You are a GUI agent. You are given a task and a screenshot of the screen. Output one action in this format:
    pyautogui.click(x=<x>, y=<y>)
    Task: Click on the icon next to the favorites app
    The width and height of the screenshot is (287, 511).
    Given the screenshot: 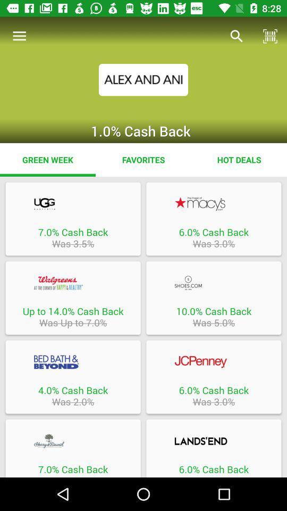 What is the action you would take?
    pyautogui.click(x=239, y=159)
    